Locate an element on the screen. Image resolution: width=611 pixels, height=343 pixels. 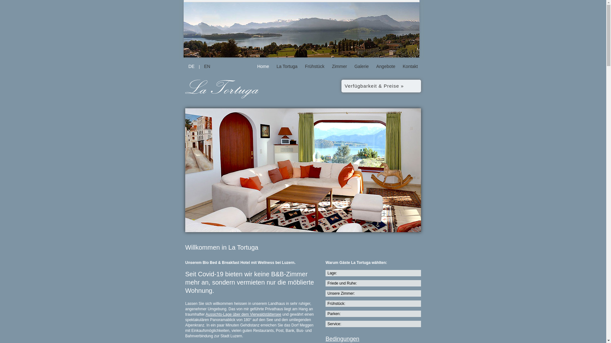
'Friede und Ruhe:' is located at coordinates (373, 283).